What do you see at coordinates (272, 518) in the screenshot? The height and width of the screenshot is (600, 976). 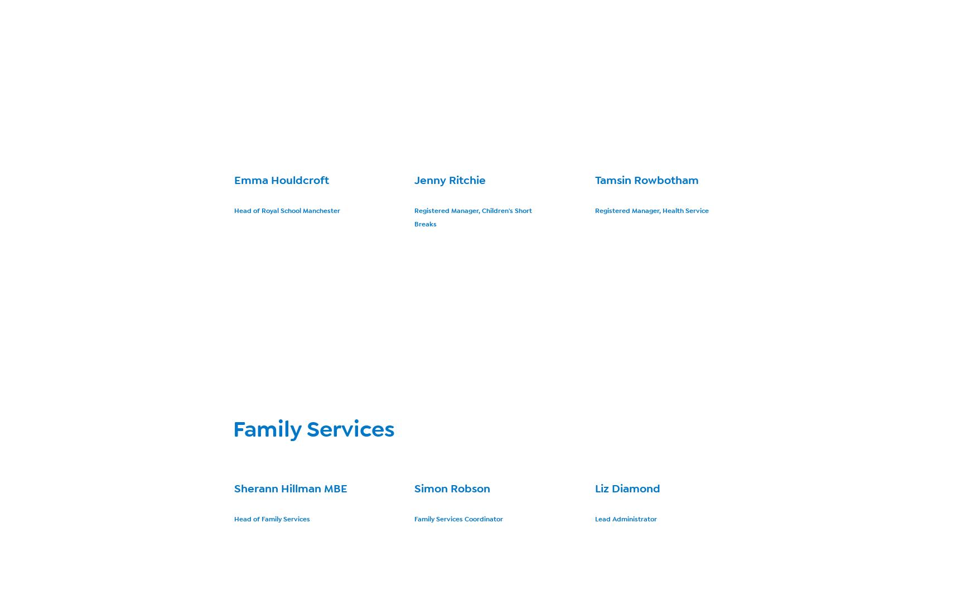 I see `'Head of Family Services'` at bounding box center [272, 518].